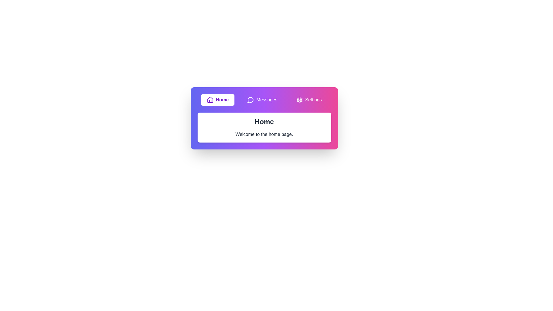 Image resolution: width=553 pixels, height=311 pixels. Describe the element at coordinates (266, 100) in the screenshot. I see `the text label or navigation link located immediately to the right of the chat bubble icon in the navigation bar` at that location.